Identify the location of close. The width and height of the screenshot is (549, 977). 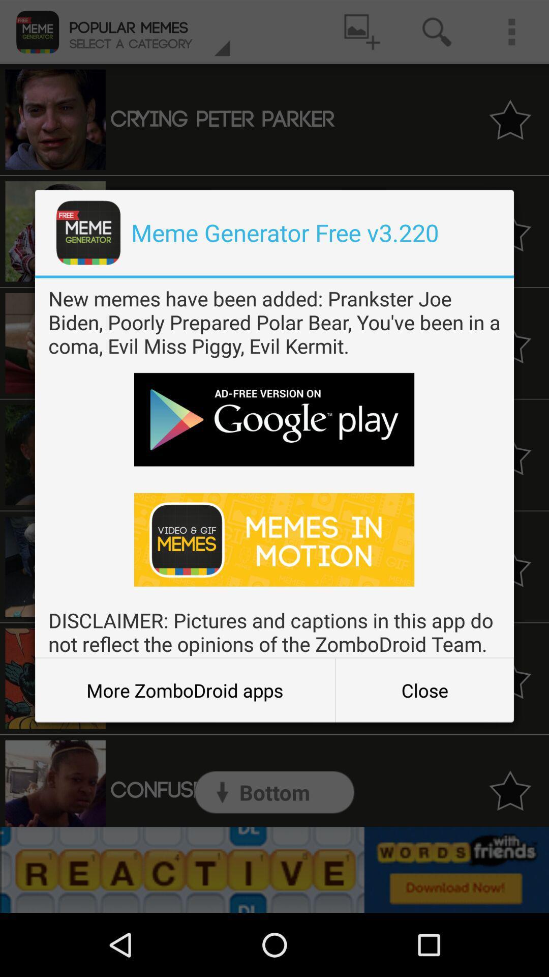
(424, 690).